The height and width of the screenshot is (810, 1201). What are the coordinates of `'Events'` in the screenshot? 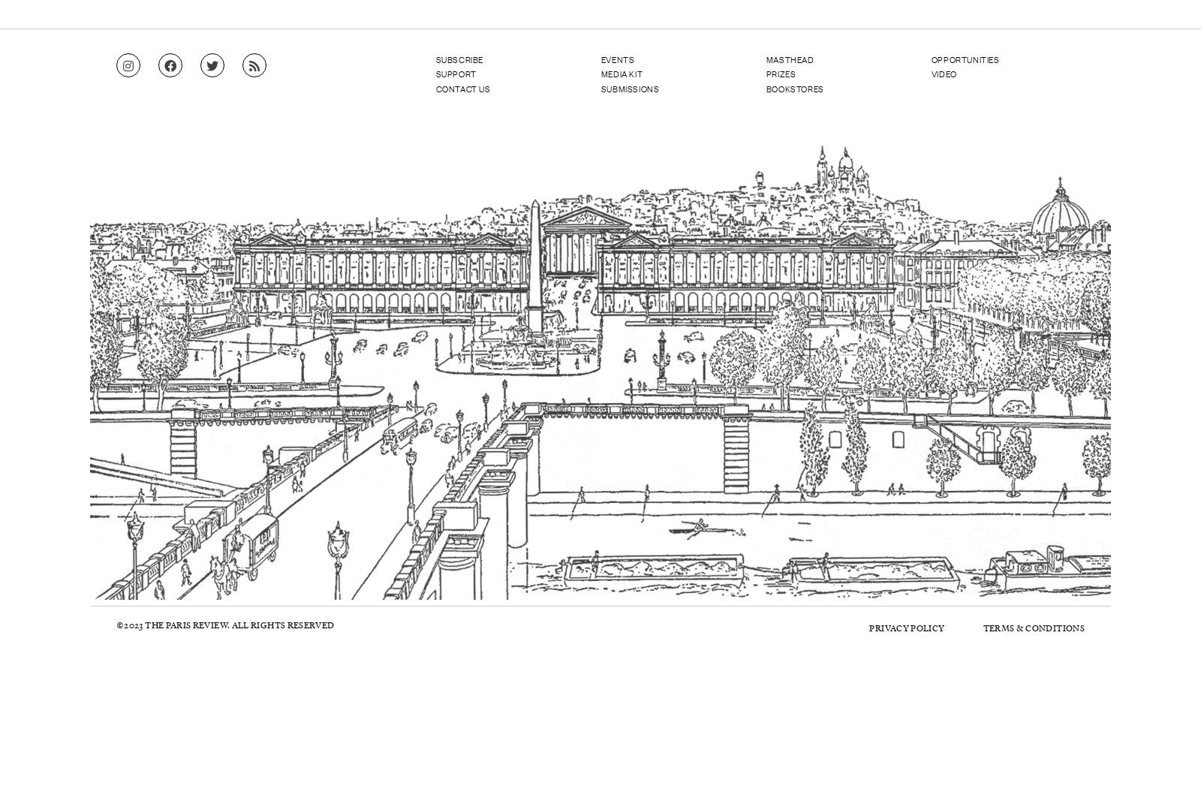 It's located at (616, 58).